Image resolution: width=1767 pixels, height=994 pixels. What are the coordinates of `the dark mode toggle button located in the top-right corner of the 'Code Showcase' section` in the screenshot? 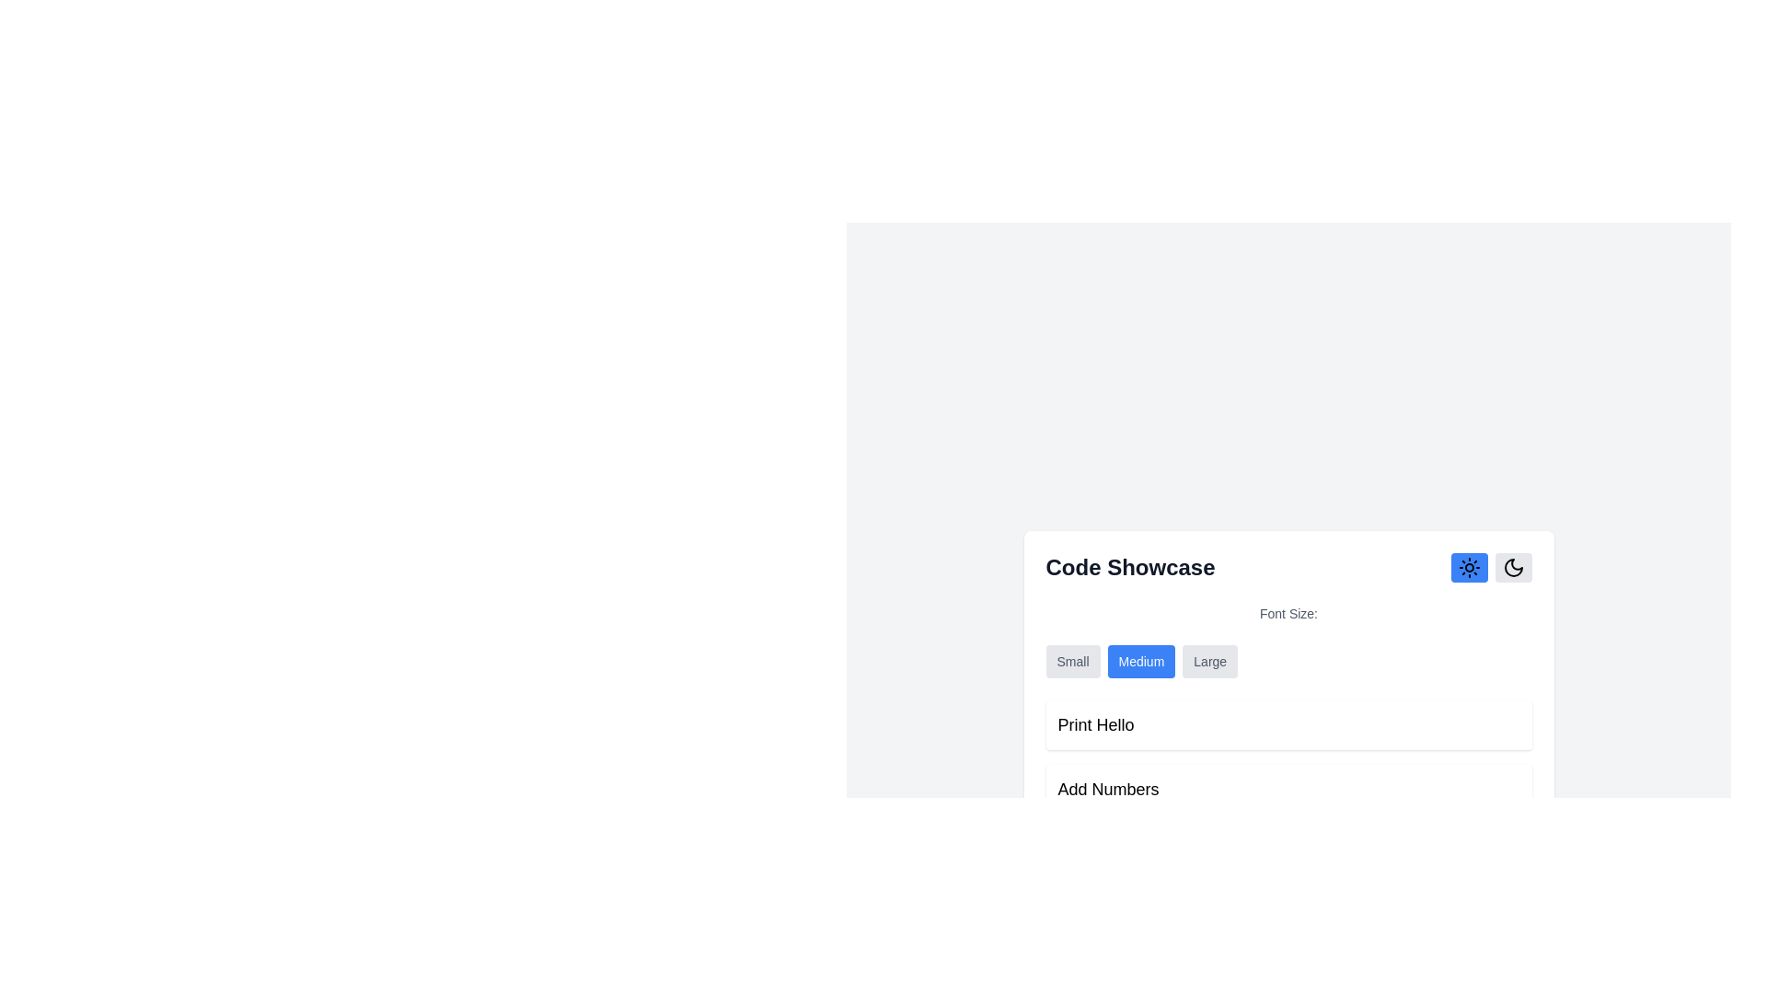 It's located at (1513, 567).